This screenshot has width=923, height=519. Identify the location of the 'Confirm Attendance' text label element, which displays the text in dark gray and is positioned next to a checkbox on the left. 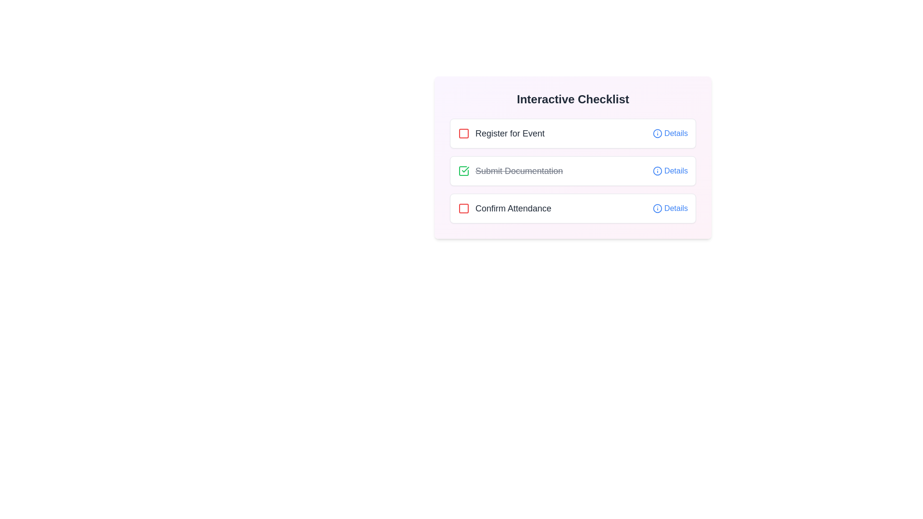
(513, 208).